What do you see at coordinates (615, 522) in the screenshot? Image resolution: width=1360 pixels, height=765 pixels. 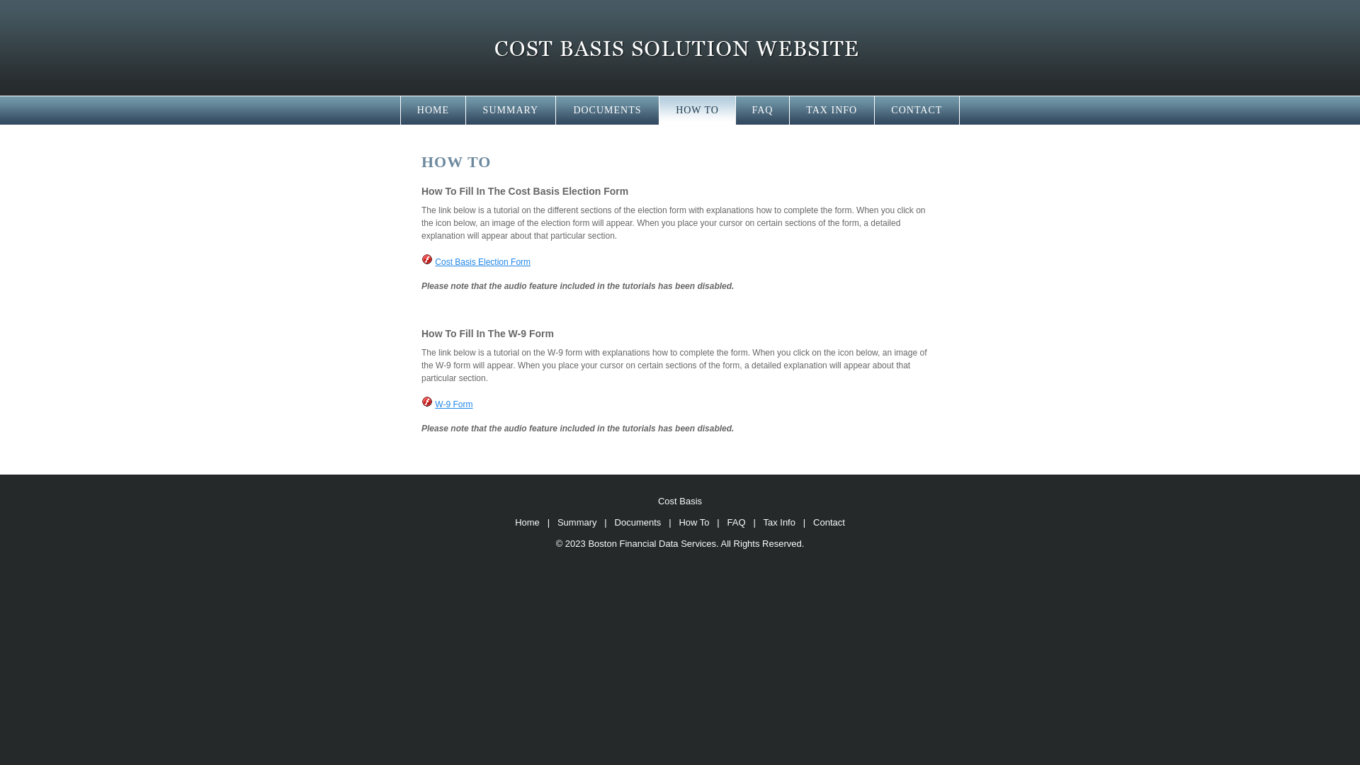 I see `'Documents'` at bounding box center [615, 522].